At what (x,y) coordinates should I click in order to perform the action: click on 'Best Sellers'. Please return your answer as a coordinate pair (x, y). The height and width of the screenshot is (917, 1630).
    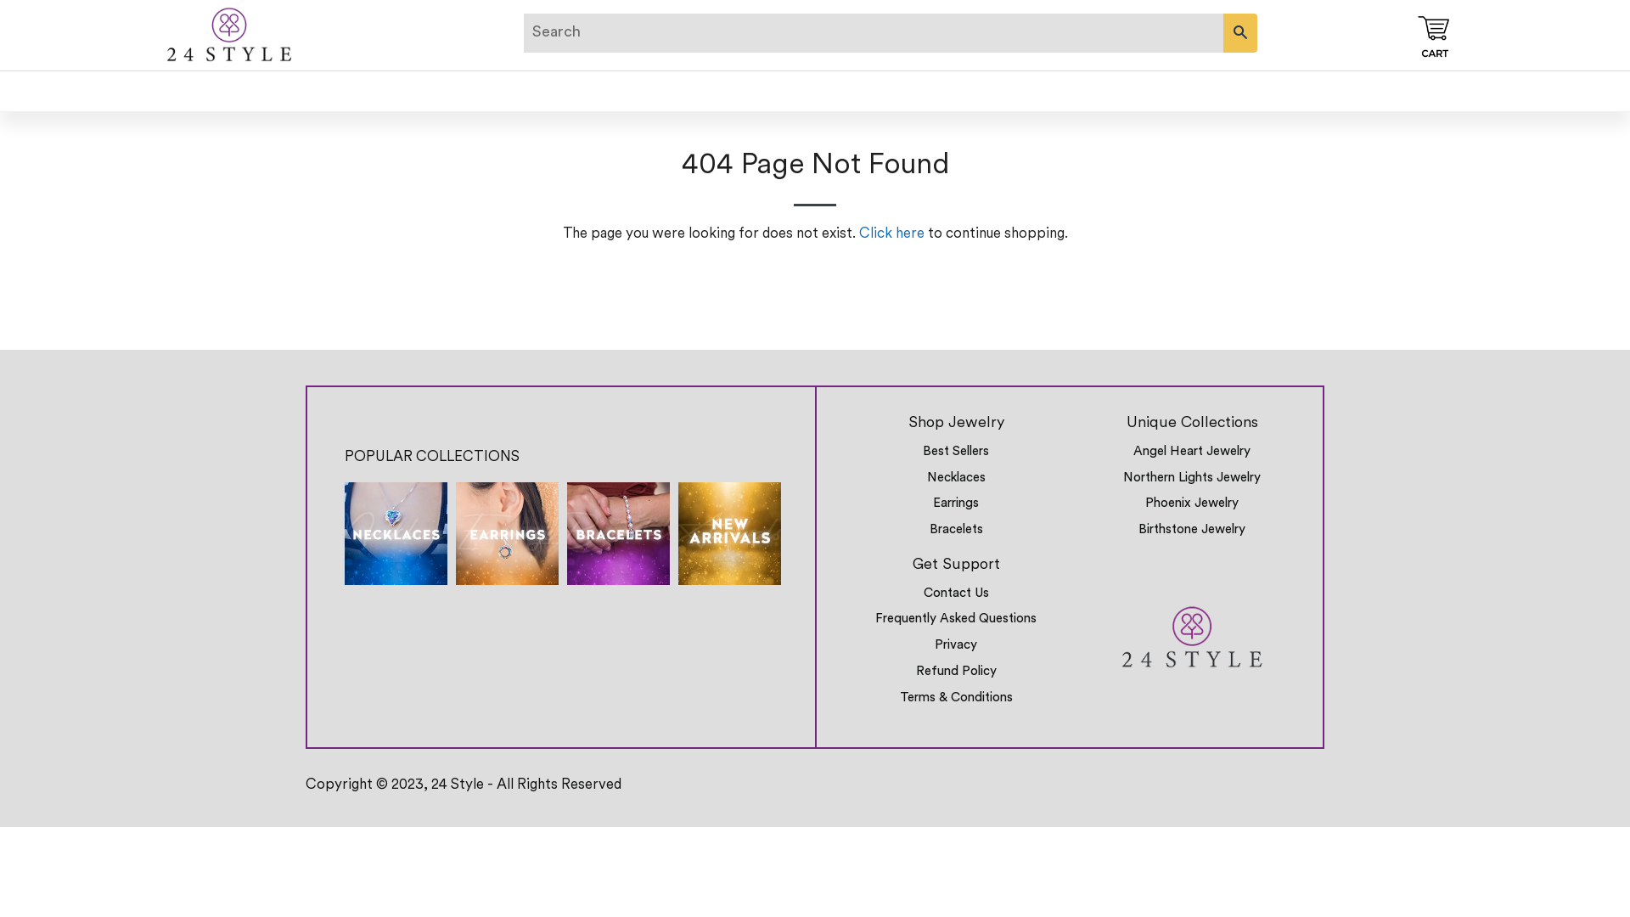
    Looking at the image, I should click on (956, 451).